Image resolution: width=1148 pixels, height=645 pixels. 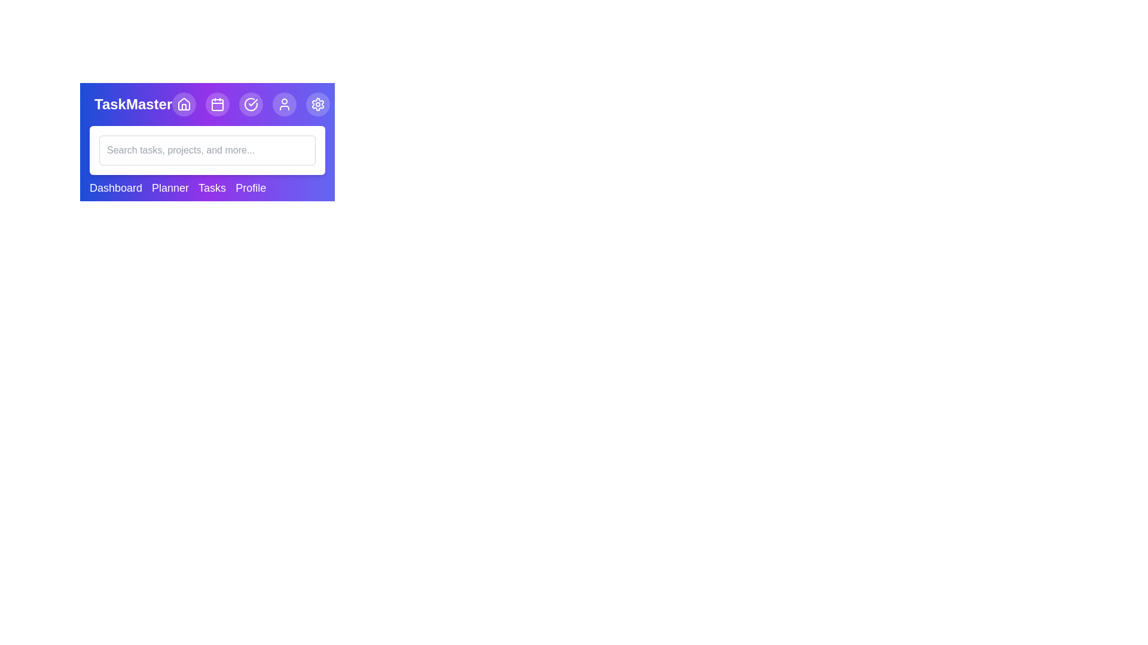 What do you see at coordinates (207, 149) in the screenshot?
I see `the search bar and type the text 'example query'` at bounding box center [207, 149].